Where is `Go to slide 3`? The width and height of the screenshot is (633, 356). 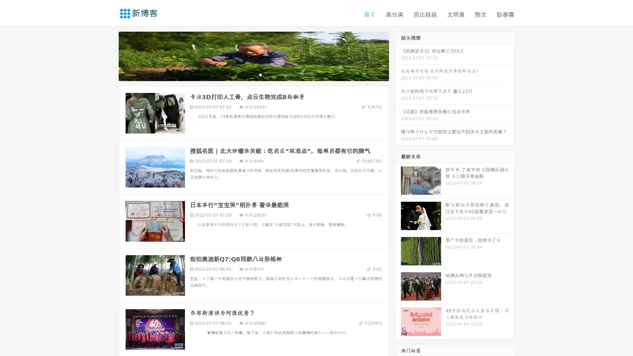
Go to slide 3 is located at coordinates (260, 74).